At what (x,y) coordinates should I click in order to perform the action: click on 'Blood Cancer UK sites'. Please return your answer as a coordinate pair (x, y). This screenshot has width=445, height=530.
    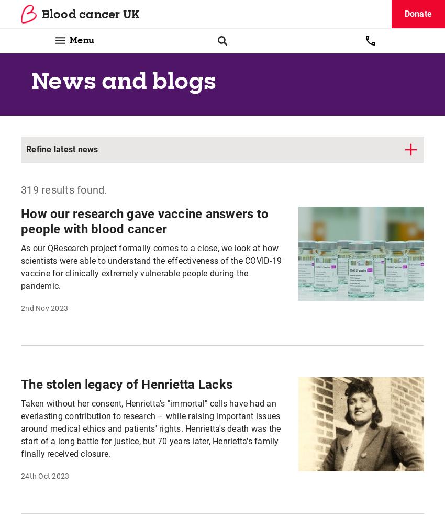
    Looking at the image, I should click on (280, 500).